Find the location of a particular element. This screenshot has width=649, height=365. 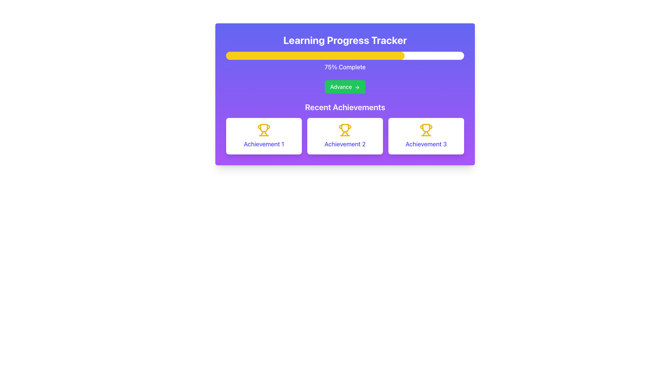

the yellow-filled progress indicator segment within the progress bar that visually represents 75% completion, located beneath the 'Learning Progress Tracker' title is located at coordinates (315, 55).